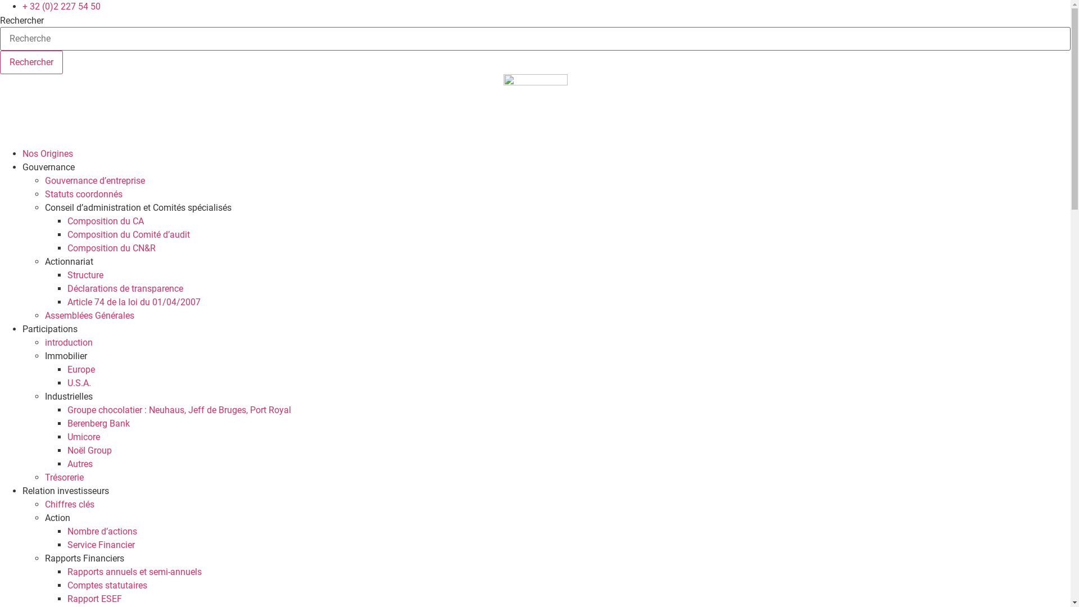 The width and height of the screenshot is (1079, 607). I want to click on 'Gouvernance', so click(48, 167).